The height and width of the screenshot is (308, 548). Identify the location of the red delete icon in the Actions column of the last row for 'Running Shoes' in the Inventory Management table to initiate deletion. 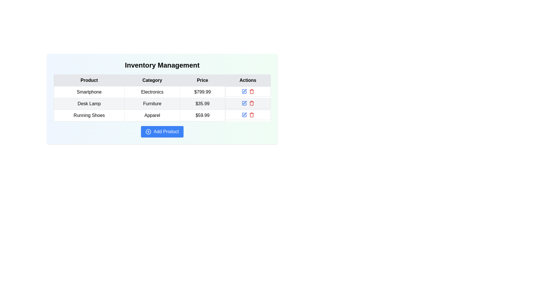
(248, 115).